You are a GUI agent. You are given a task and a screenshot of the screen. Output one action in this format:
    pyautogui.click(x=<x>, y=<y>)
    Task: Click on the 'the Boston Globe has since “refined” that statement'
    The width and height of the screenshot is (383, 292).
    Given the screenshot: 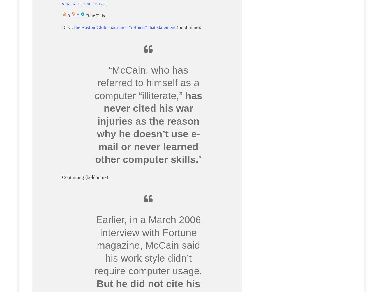 What is the action you would take?
    pyautogui.click(x=124, y=27)
    